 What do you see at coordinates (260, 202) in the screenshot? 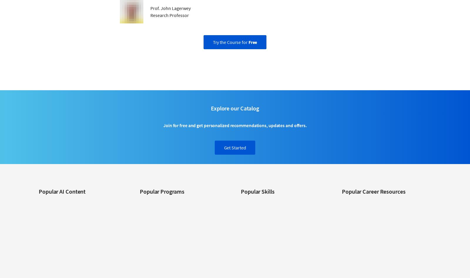
I see `'Cybersecurity Courses'` at bounding box center [260, 202].